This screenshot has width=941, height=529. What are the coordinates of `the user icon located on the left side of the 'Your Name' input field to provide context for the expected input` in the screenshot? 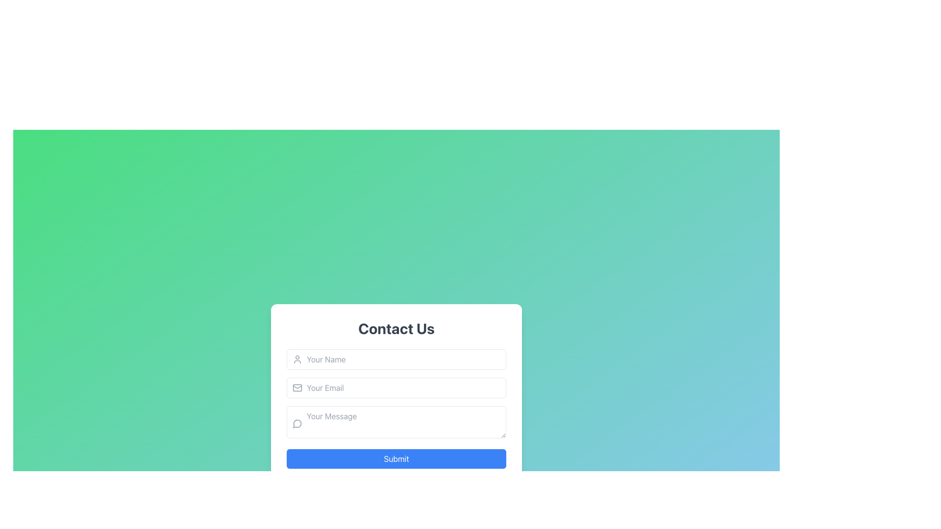 It's located at (297, 359).